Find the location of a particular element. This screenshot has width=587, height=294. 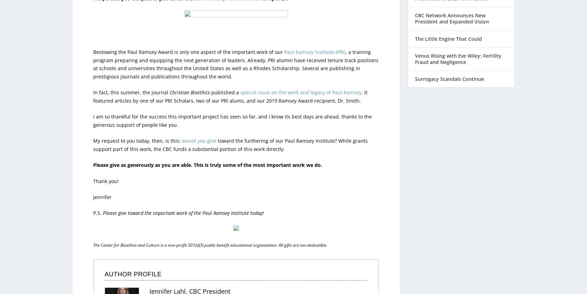

'. It featured articles by one of our PRI Scholars, two of our PRI alums, and our 2019 Ramsey Award recipient, Dr. Smith.' is located at coordinates (230, 82).